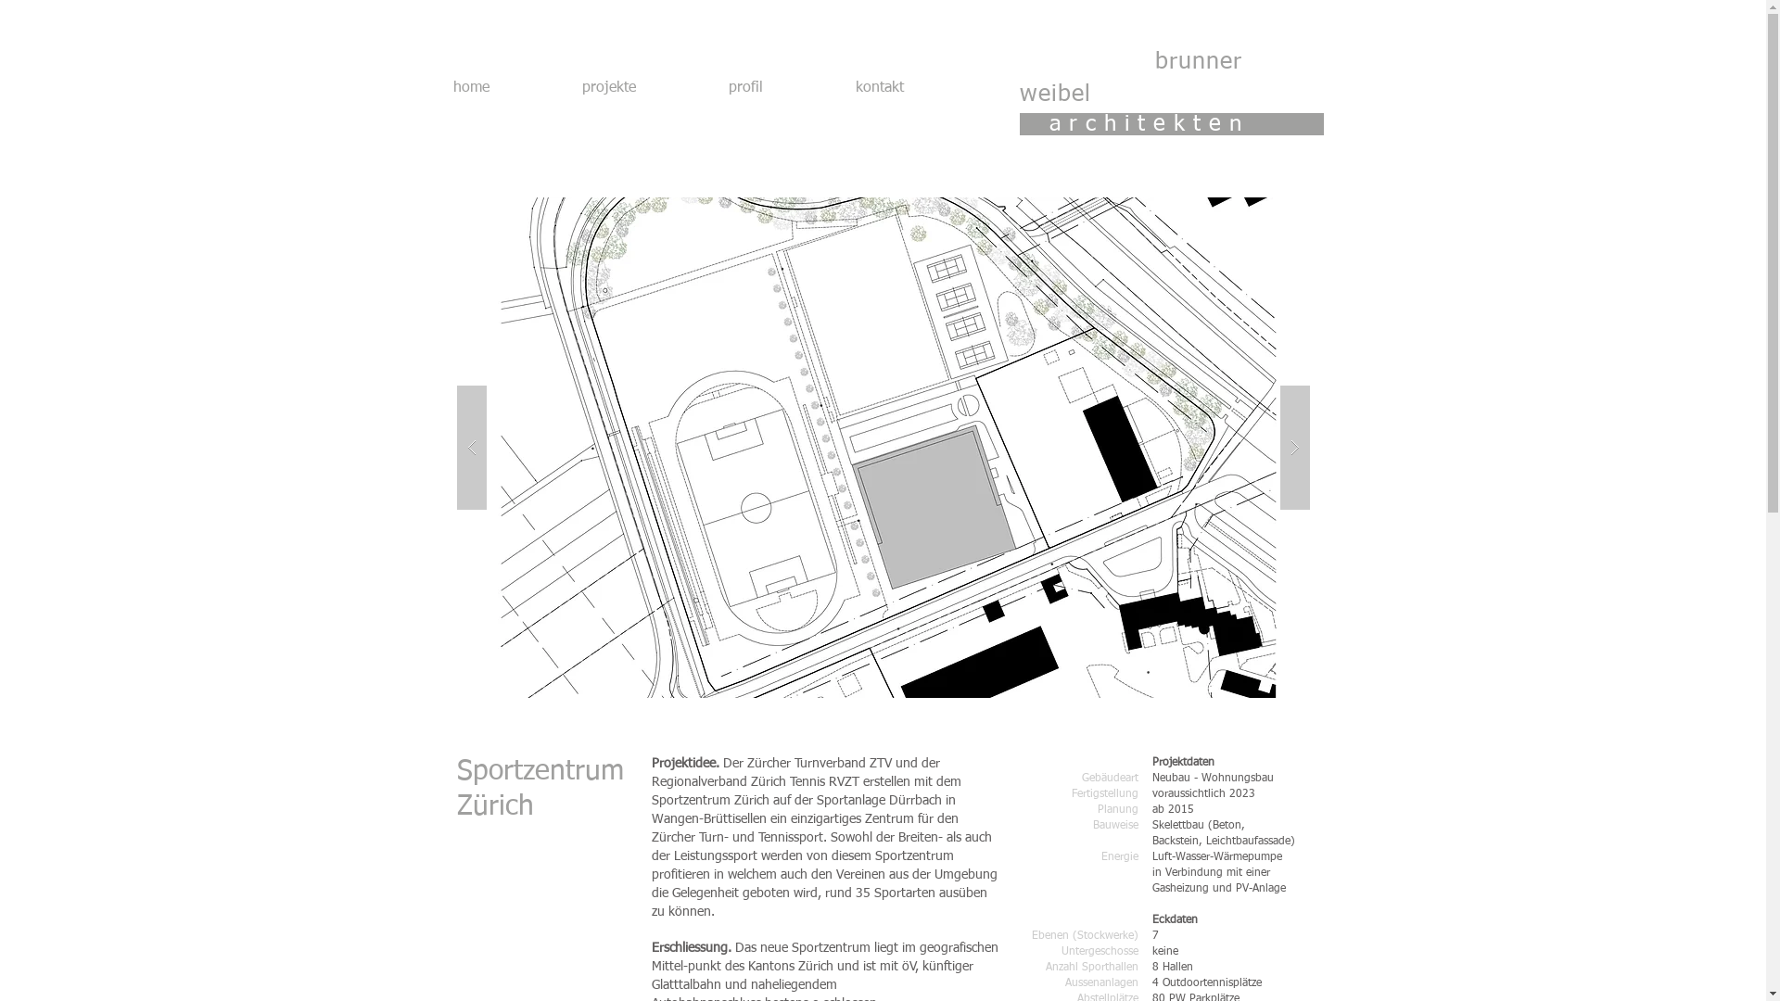  I want to click on '                    ', so click(1087, 62).